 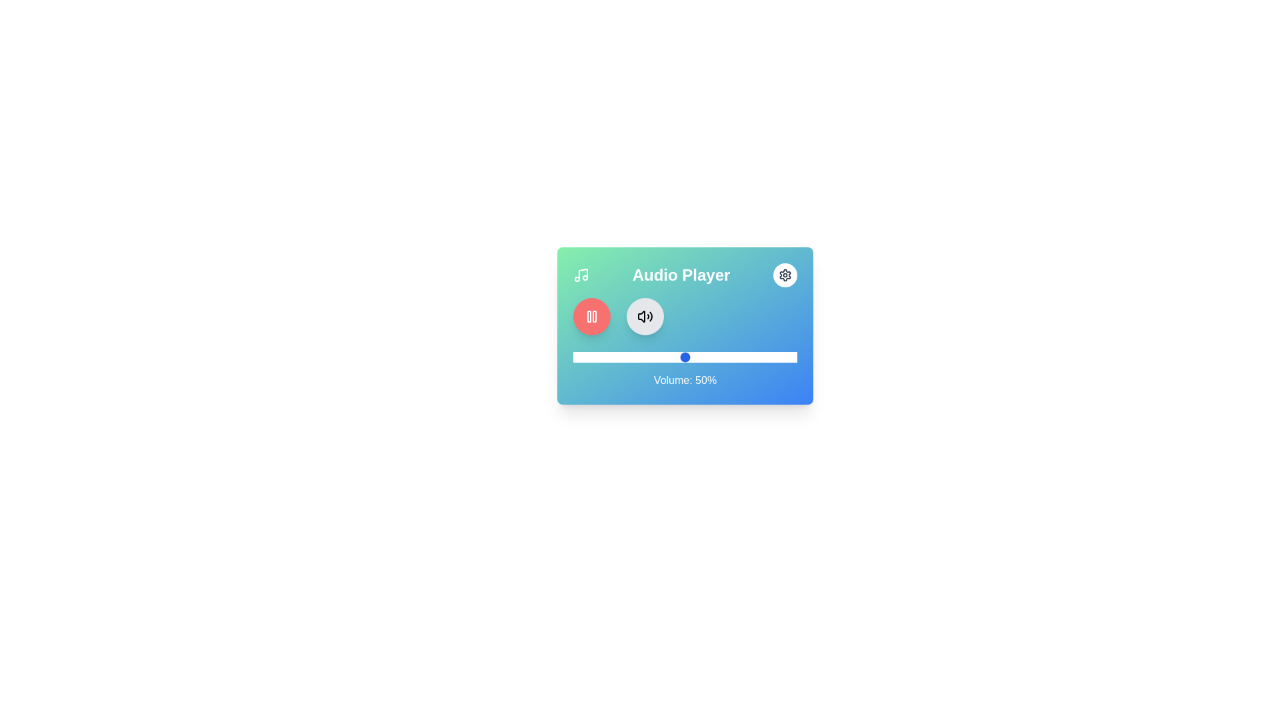 What do you see at coordinates (685, 316) in the screenshot?
I see `the left circular button with a red pause icon in the Audio Player section to scale it` at bounding box center [685, 316].